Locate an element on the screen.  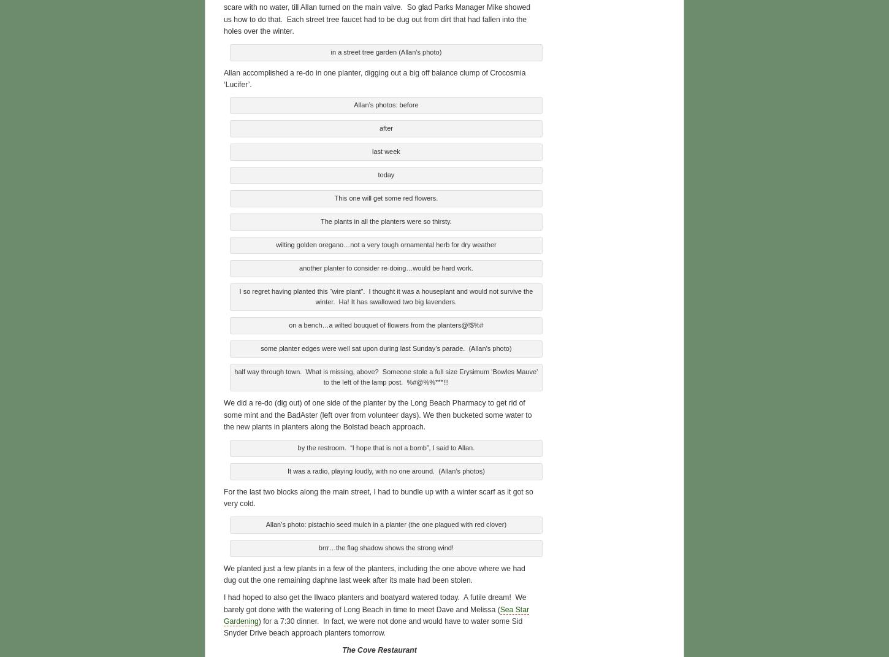
'brrr…the flag shadow shows the strong wind!' is located at coordinates (385, 546).